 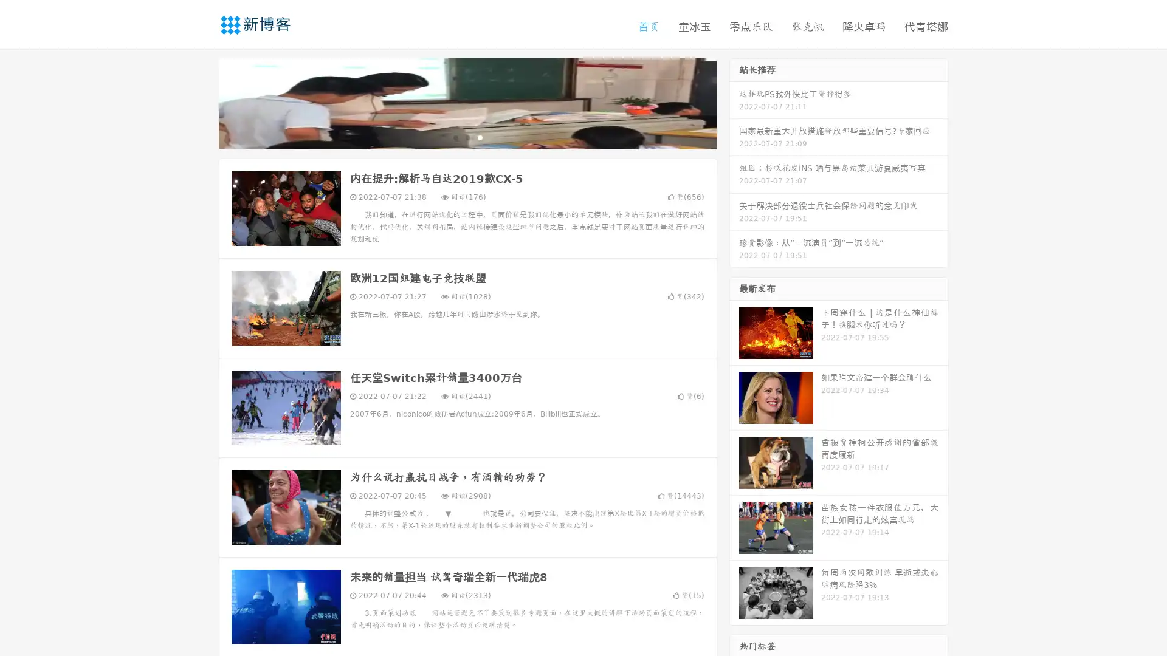 I want to click on Previous slide, so click(x=201, y=102).